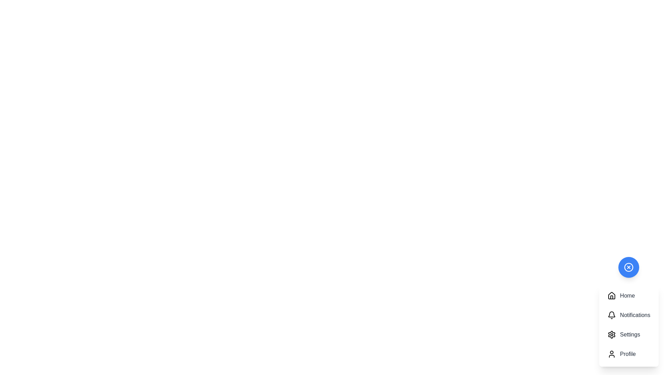 The image size is (667, 375). What do you see at coordinates (628, 315) in the screenshot?
I see `the Notifications button of the speed dial` at bounding box center [628, 315].